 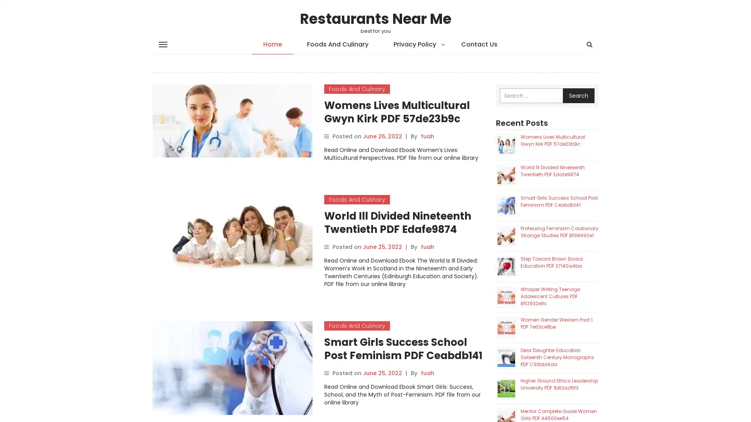 I want to click on Search, so click(x=579, y=95).